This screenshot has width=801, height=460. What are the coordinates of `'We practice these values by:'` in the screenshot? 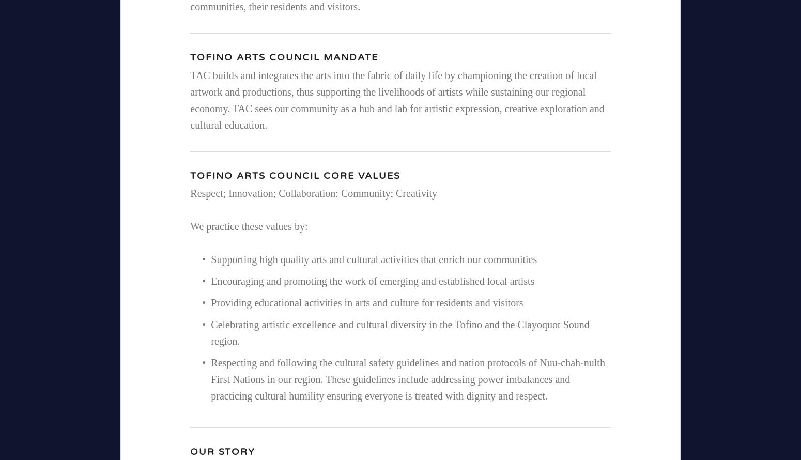 It's located at (248, 225).